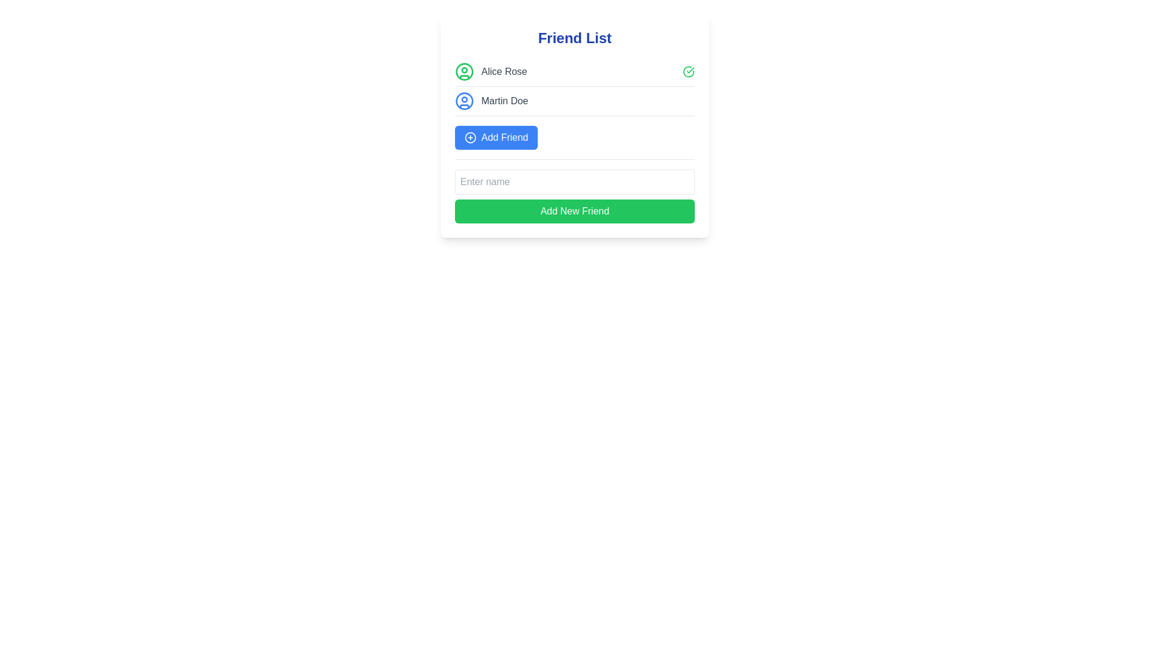  I want to click on the second entry in the 'Friend List' representing a user with details such as an avatar and username for selection, so click(574, 101).